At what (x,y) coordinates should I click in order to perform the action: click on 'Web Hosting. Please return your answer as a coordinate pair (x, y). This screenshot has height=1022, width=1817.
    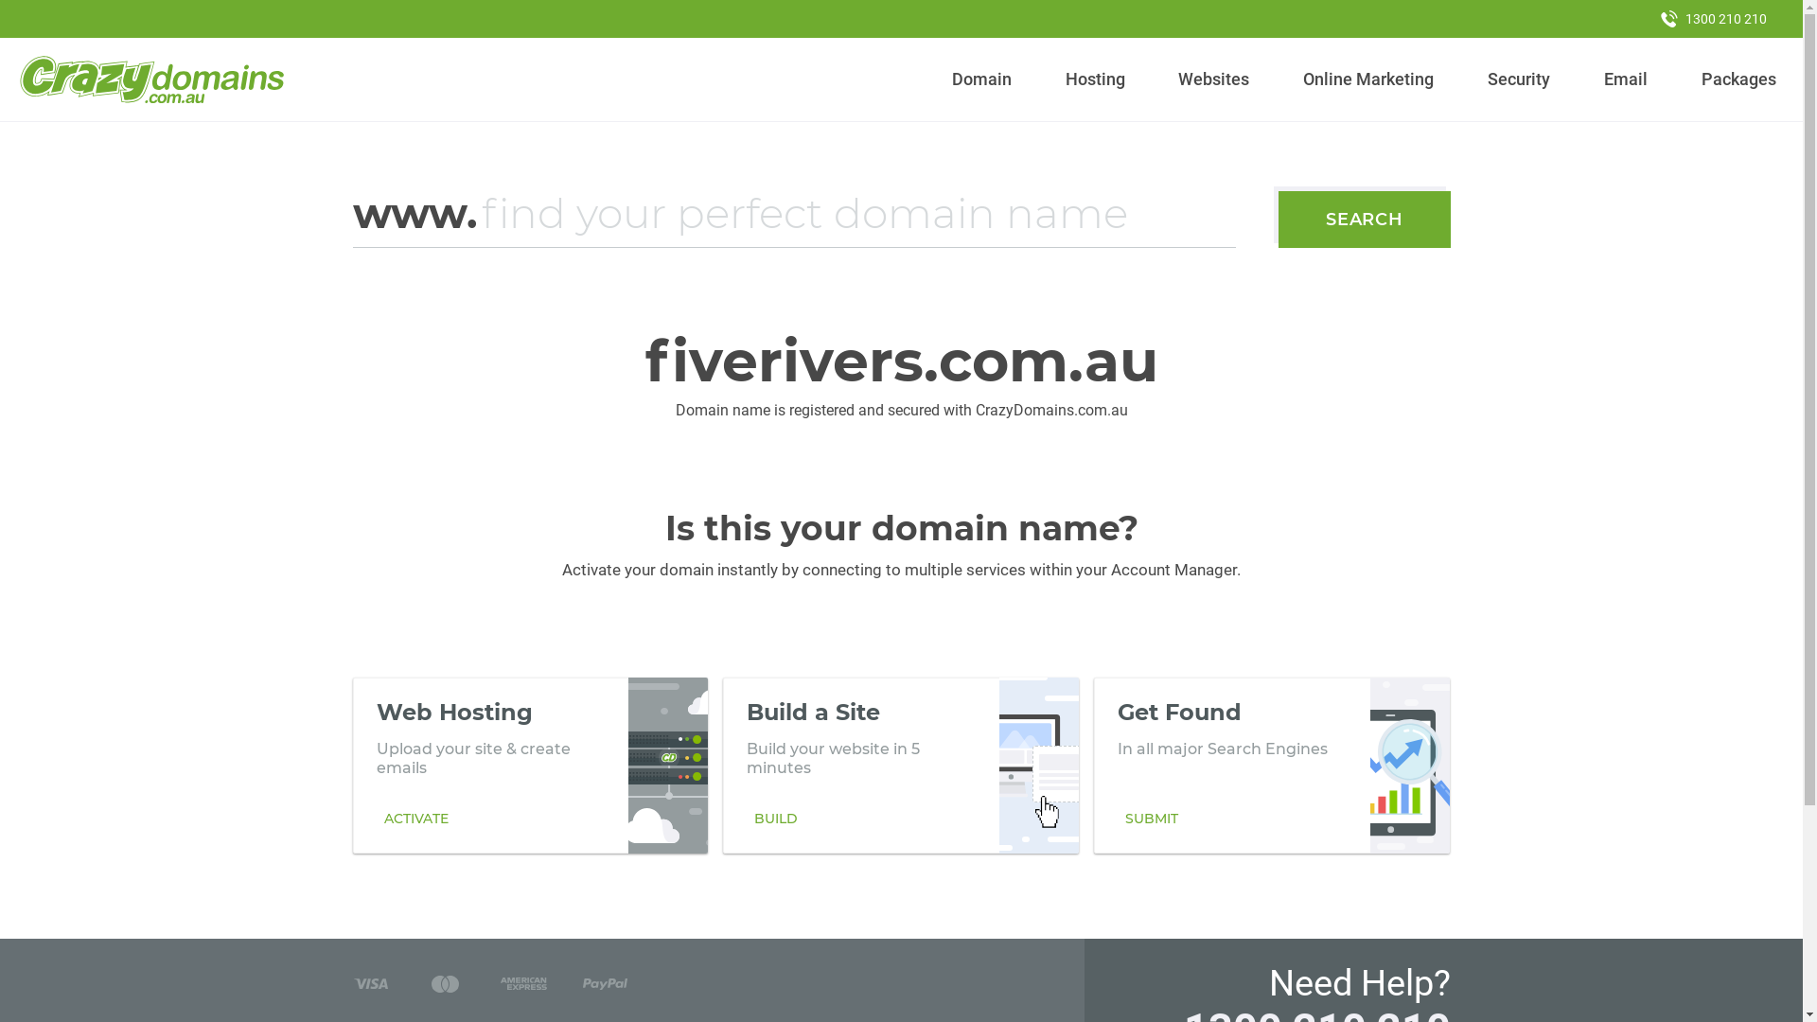
    Looking at the image, I should click on (530, 765).